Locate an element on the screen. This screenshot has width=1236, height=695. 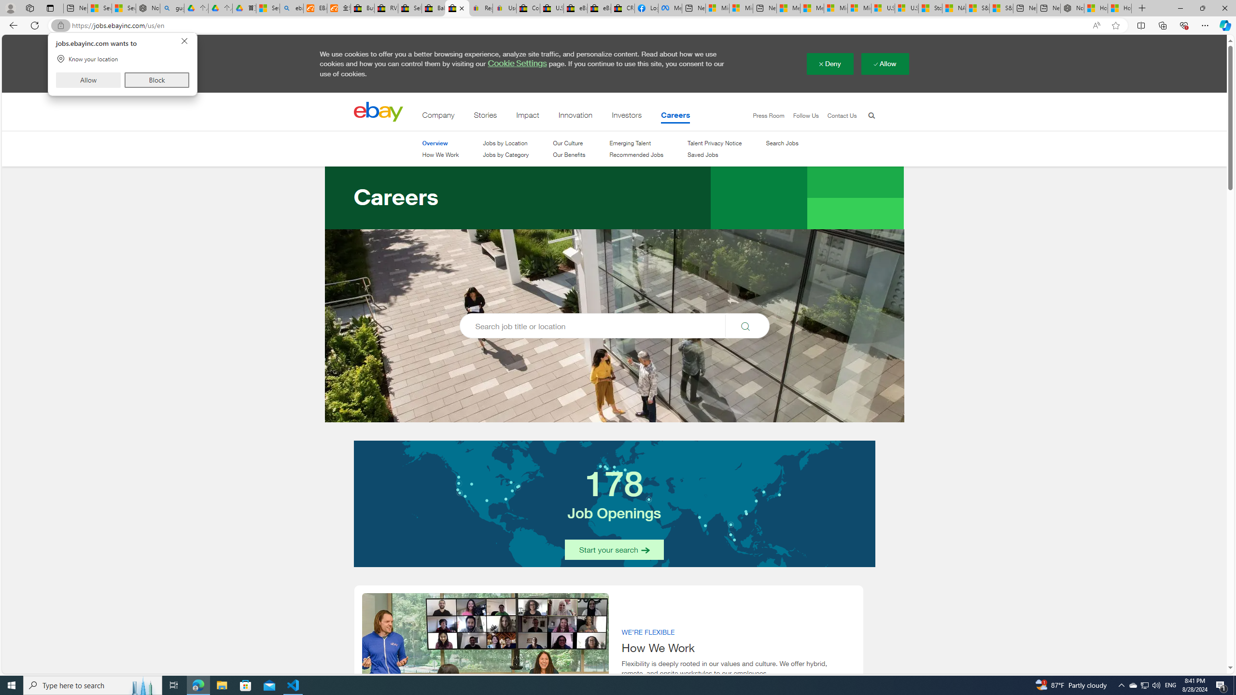
'Press Room' is located at coordinates (764, 116).